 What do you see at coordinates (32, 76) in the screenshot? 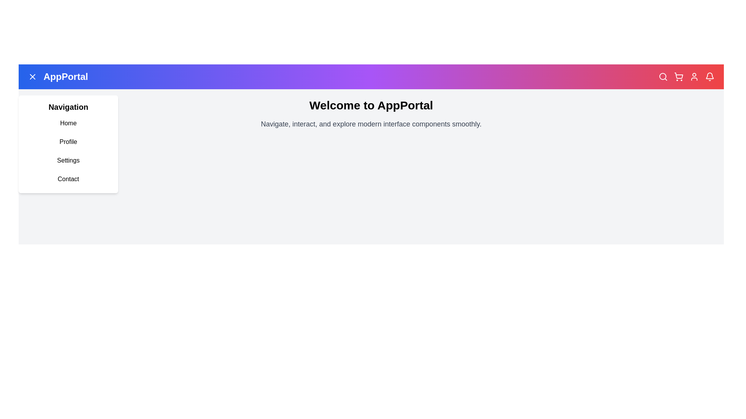
I see `the close button located in the header bar` at bounding box center [32, 76].